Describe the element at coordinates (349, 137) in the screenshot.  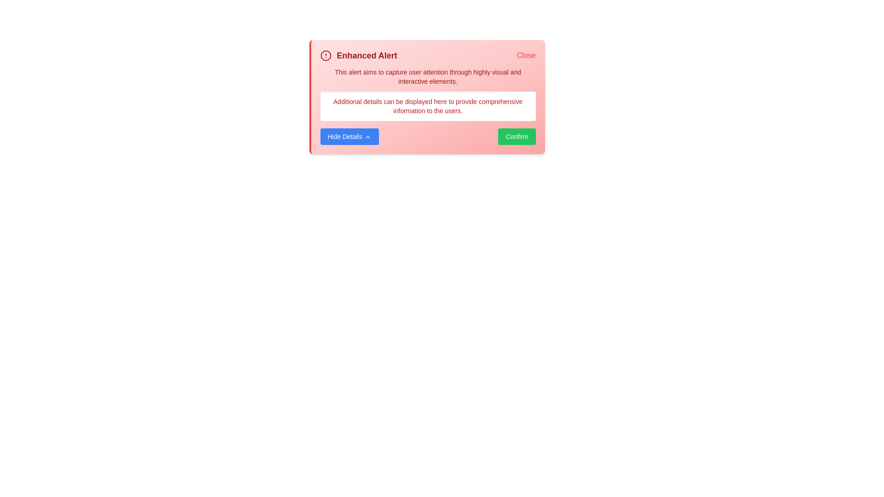
I see `the 'Hide Details' button to toggle the visibility of additional details` at that location.